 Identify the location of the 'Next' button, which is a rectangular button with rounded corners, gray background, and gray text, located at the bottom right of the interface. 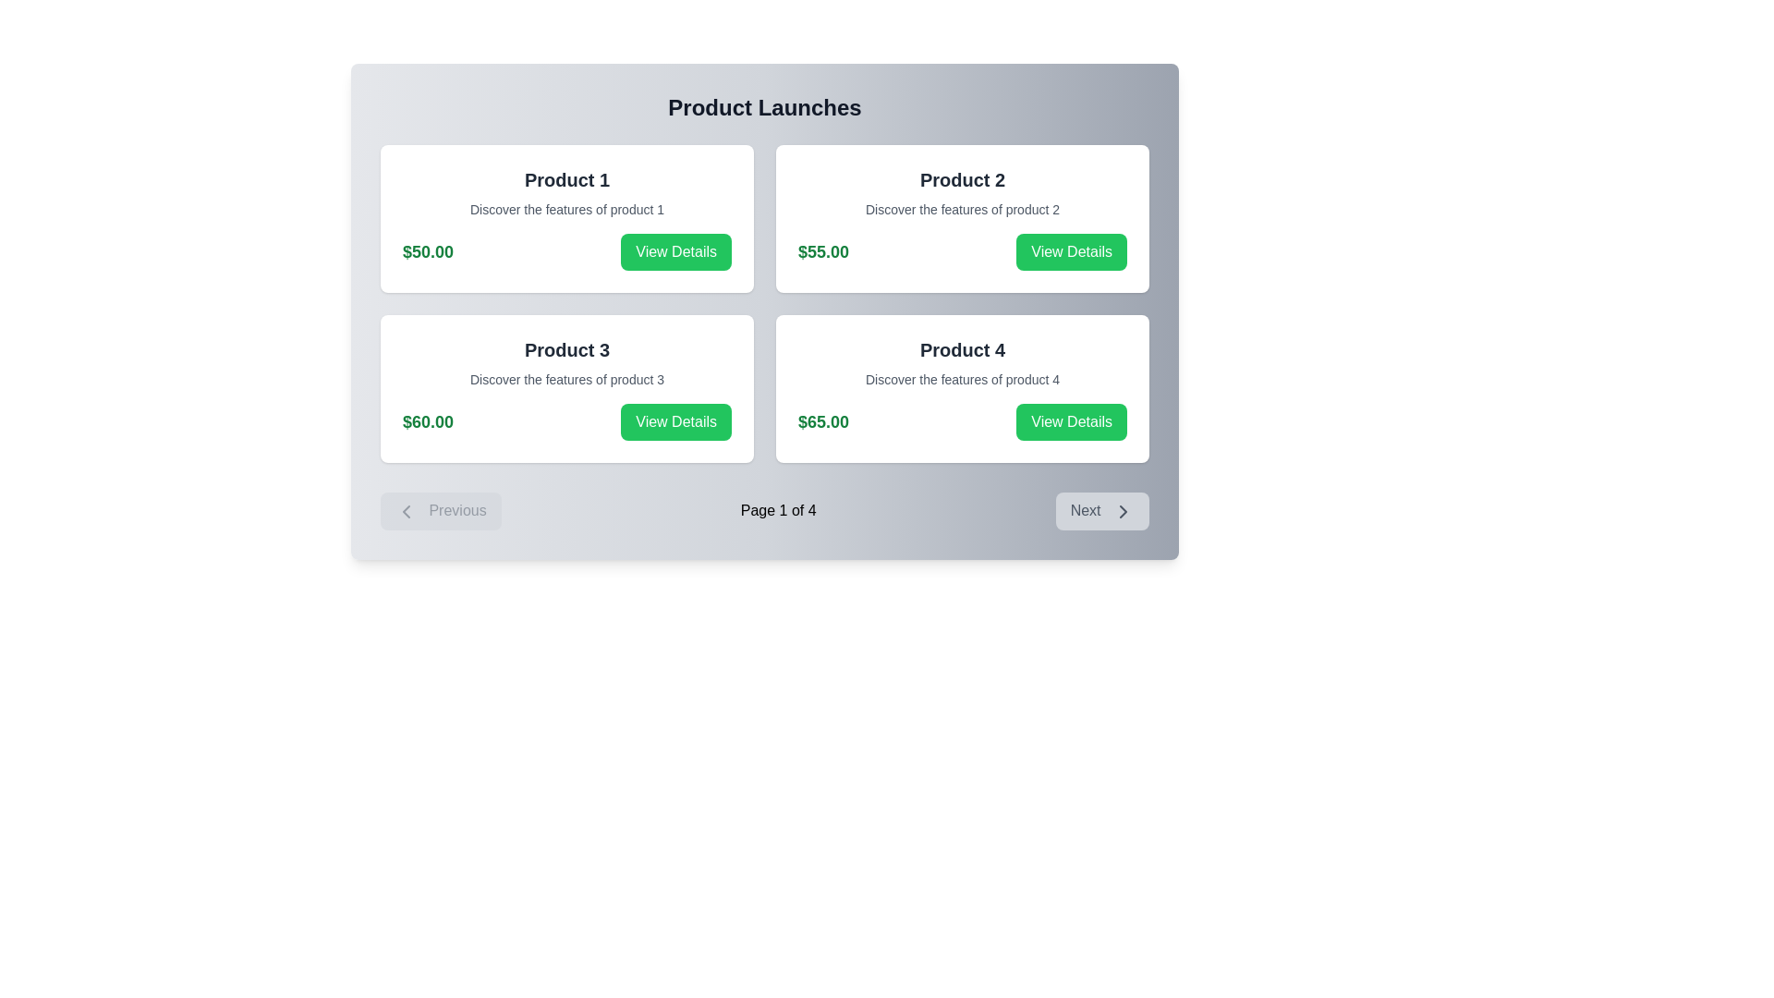
(1102, 511).